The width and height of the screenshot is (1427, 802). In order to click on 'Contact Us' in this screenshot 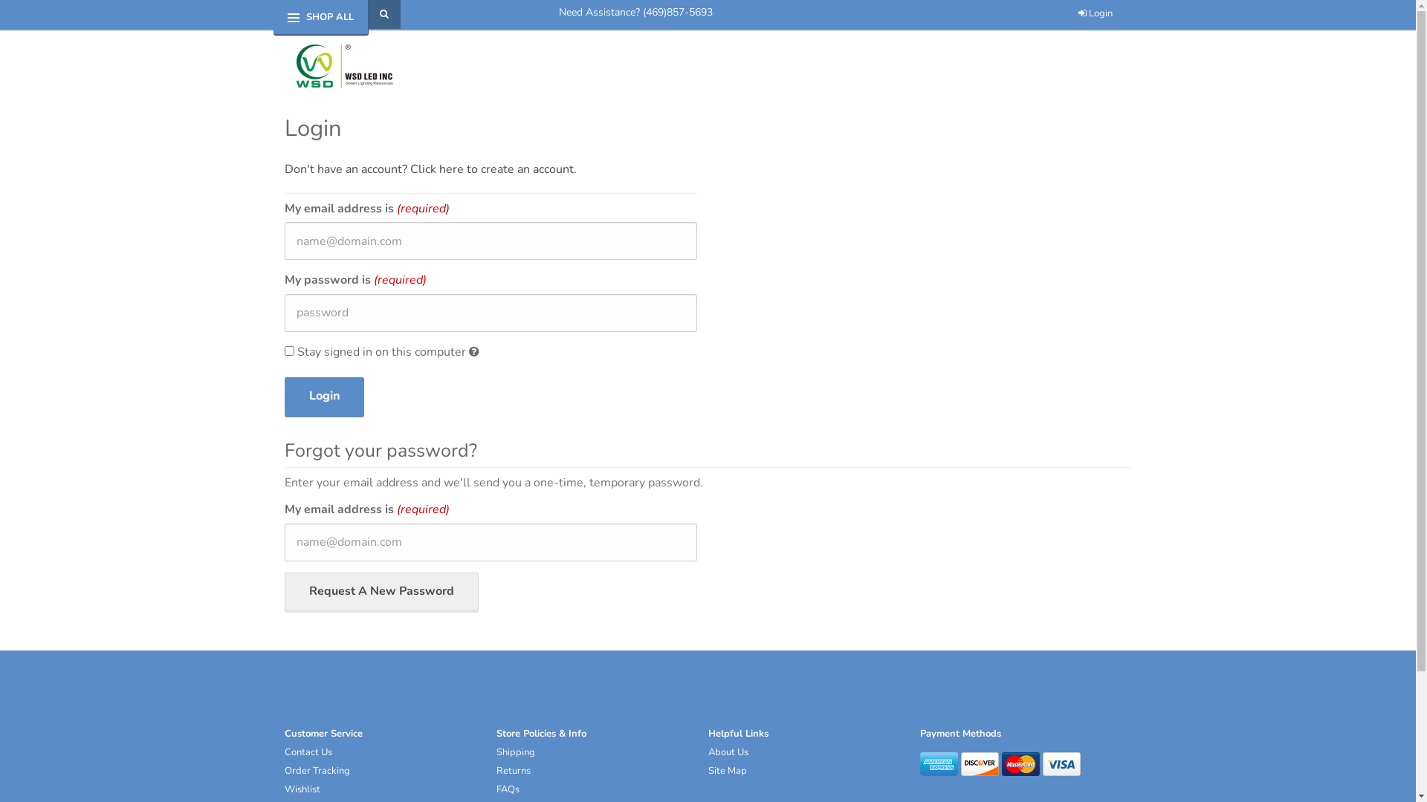, I will do `click(306, 752)`.